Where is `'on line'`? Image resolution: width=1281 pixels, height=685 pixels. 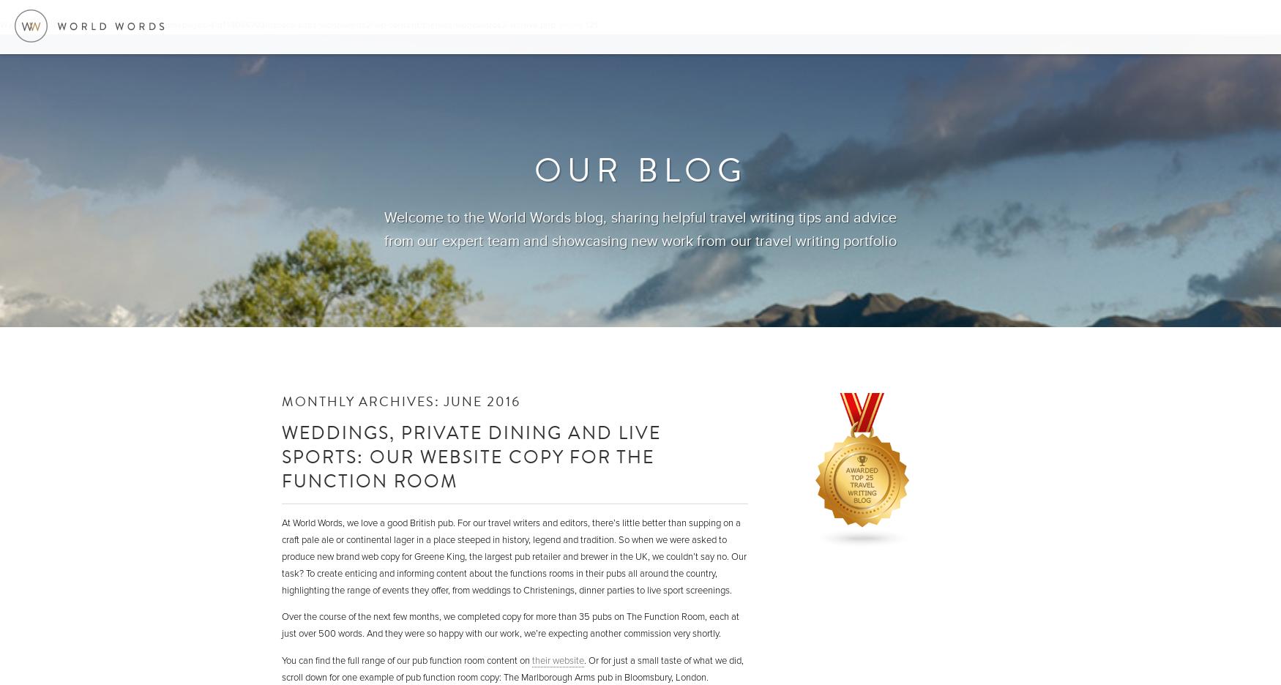
'on line' is located at coordinates (569, 23).